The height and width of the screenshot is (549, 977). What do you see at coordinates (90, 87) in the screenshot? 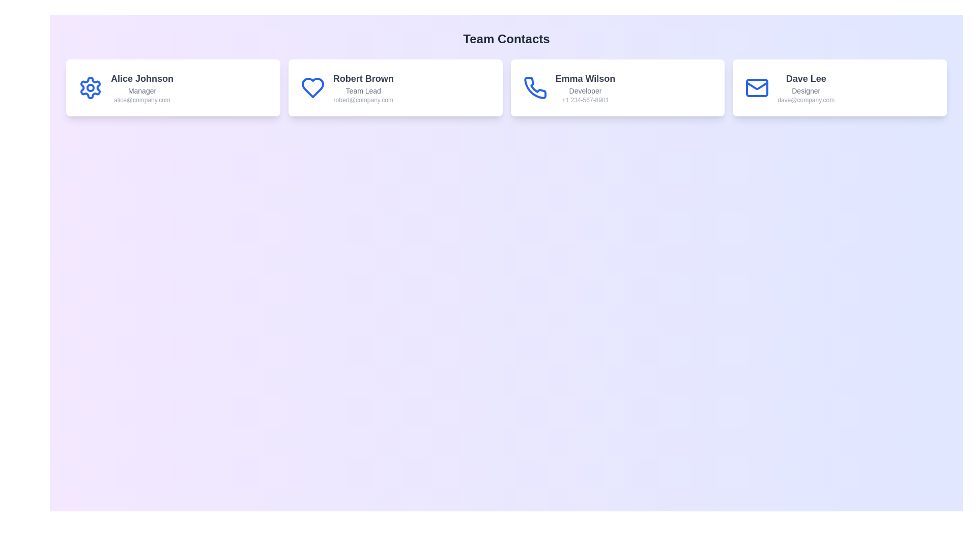
I see `the gear icon, styled in blue and white, located to the far left within the card of Alice Johnson's contact details` at bounding box center [90, 87].